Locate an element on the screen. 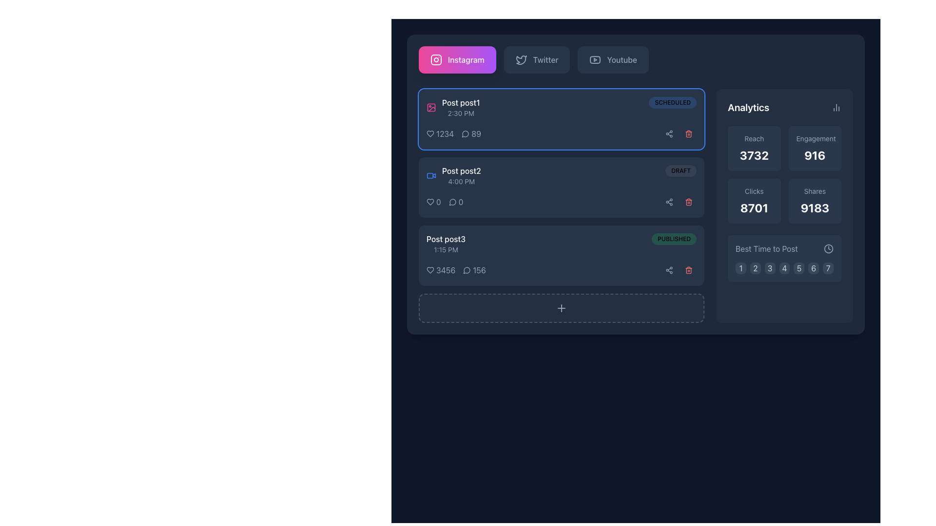 The height and width of the screenshot is (526, 936). the text display representing the current engagement count in the upper-right part of the interface under the 'Engagement' label in the 'Analytics' panel is located at coordinates (815, 155).